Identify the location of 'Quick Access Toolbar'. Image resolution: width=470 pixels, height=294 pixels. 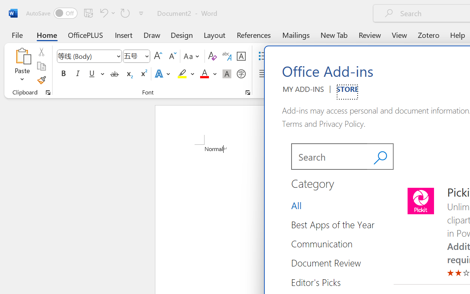
(86, 13).